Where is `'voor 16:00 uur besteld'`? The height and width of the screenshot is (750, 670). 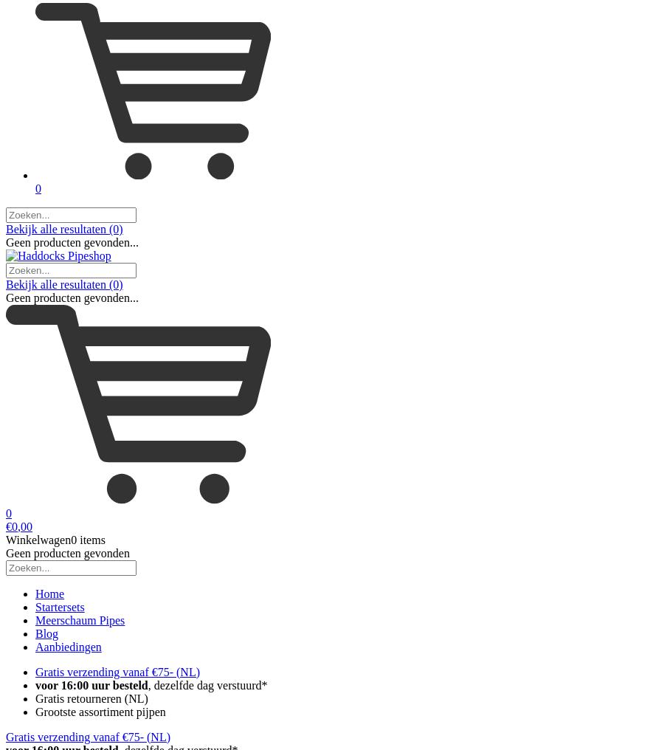
'voor 16:00 uur besteld' is located at coordinates (91, 684).